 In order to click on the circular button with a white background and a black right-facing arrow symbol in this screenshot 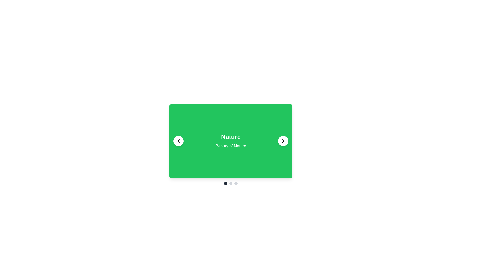, I will do `click(283, 141)`.